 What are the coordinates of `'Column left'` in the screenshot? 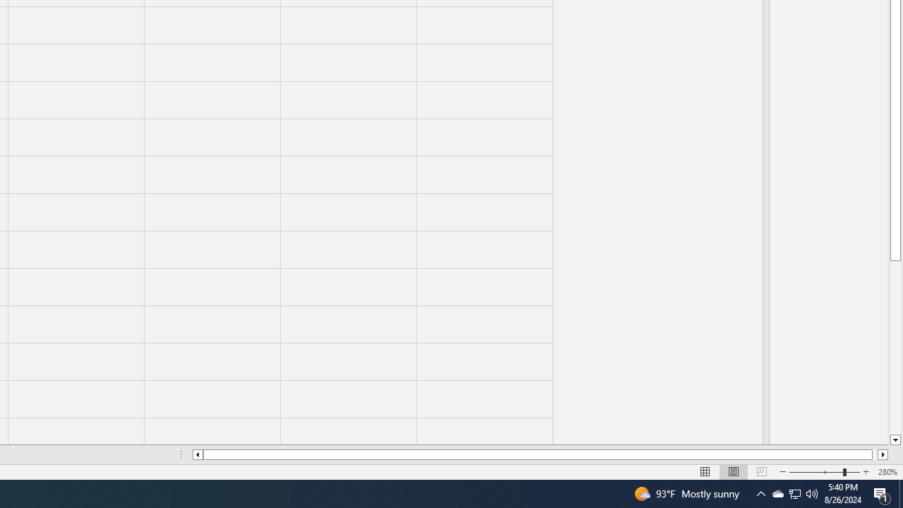 It's located at (196, 454).